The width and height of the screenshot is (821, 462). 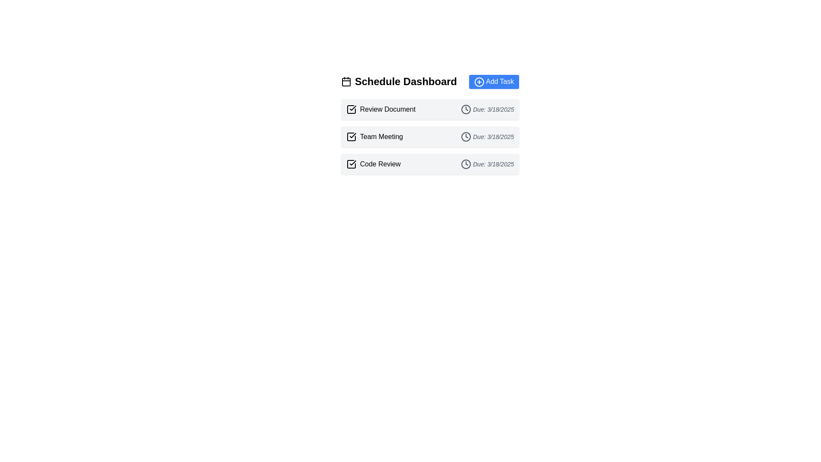 What do you see at coordinates (494, 82) in the screenshot?
I see `the 'Add Task' button, which has a blue background and white text, located on the right side of the 'Schedule Dashboard' layout` at bounding box center [494, 82].